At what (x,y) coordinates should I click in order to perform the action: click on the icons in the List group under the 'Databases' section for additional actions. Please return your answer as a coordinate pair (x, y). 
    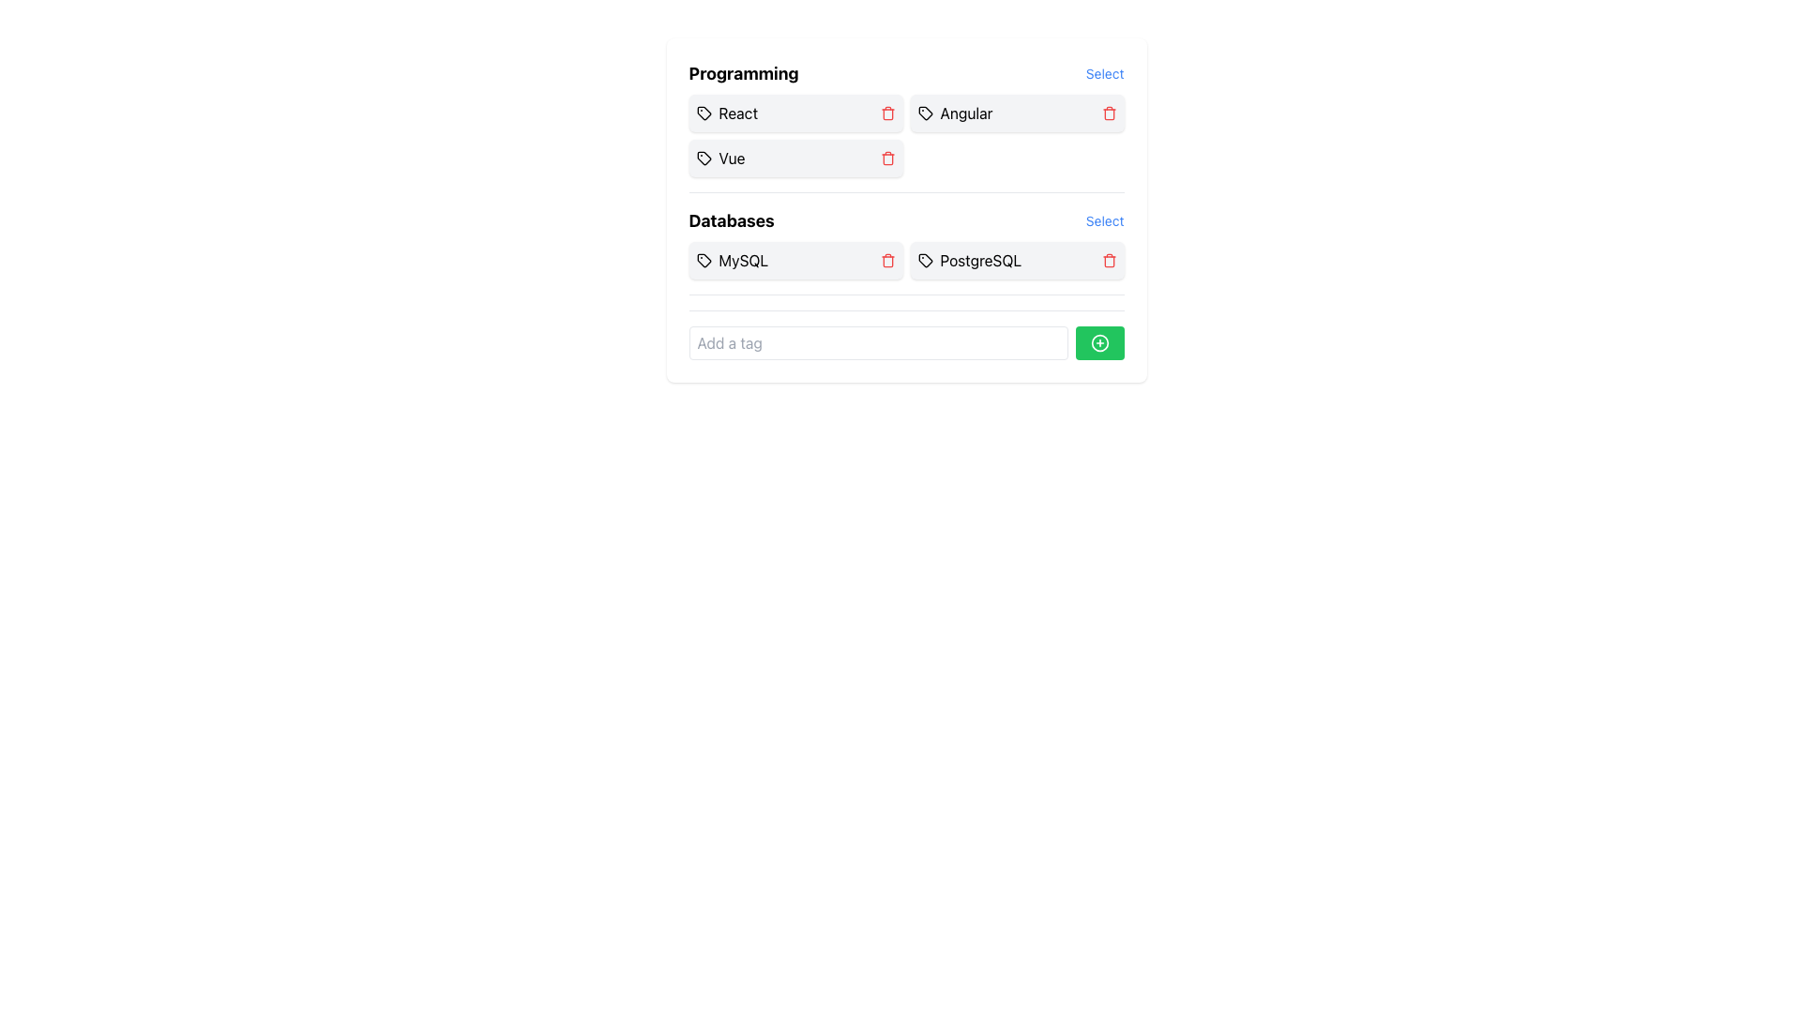
    Looking at the image, I should click on (906, 250).